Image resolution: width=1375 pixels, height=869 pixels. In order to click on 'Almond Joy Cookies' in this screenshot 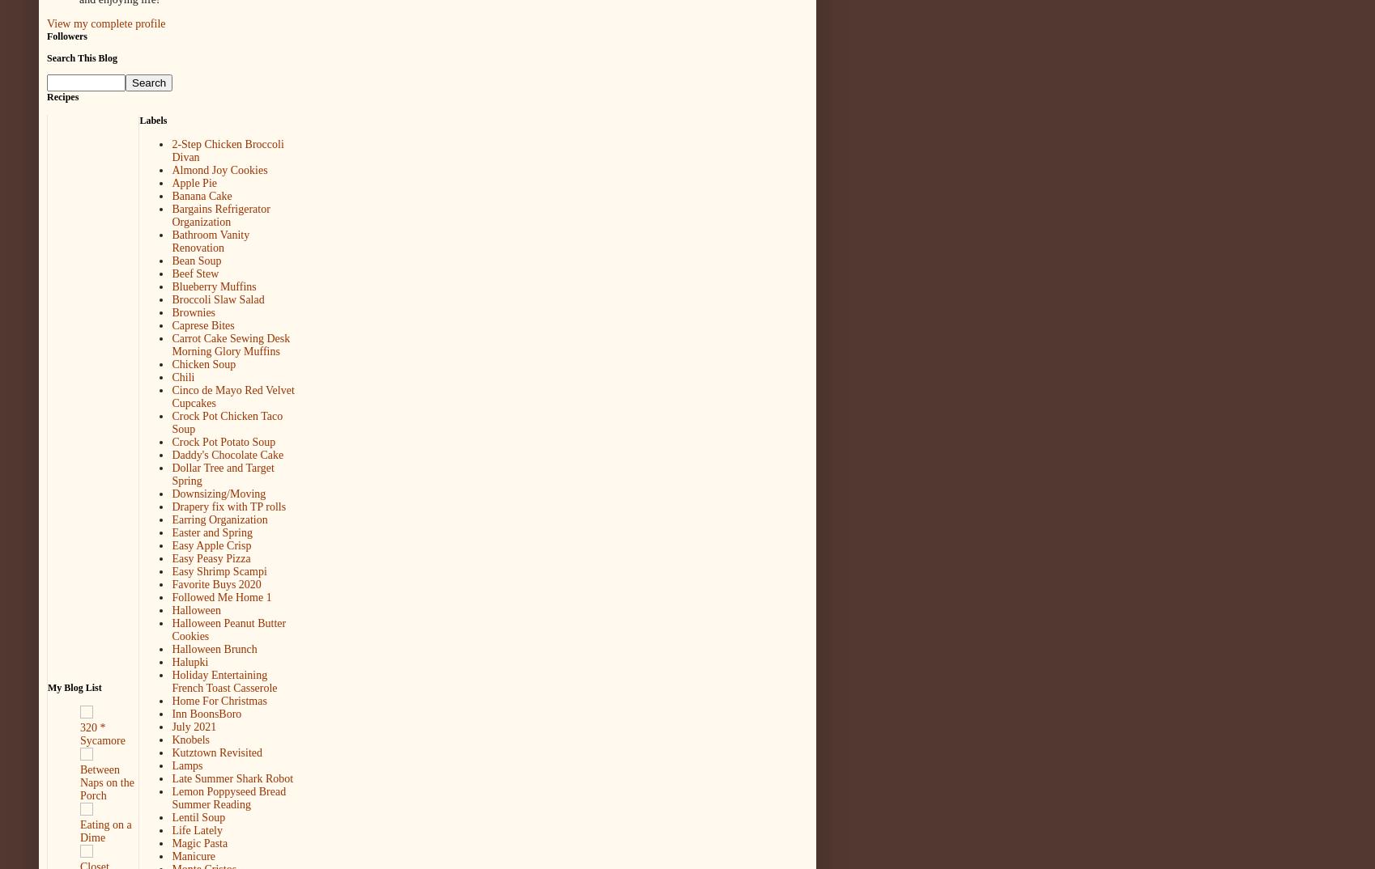, I will do `click(219, 170)`.